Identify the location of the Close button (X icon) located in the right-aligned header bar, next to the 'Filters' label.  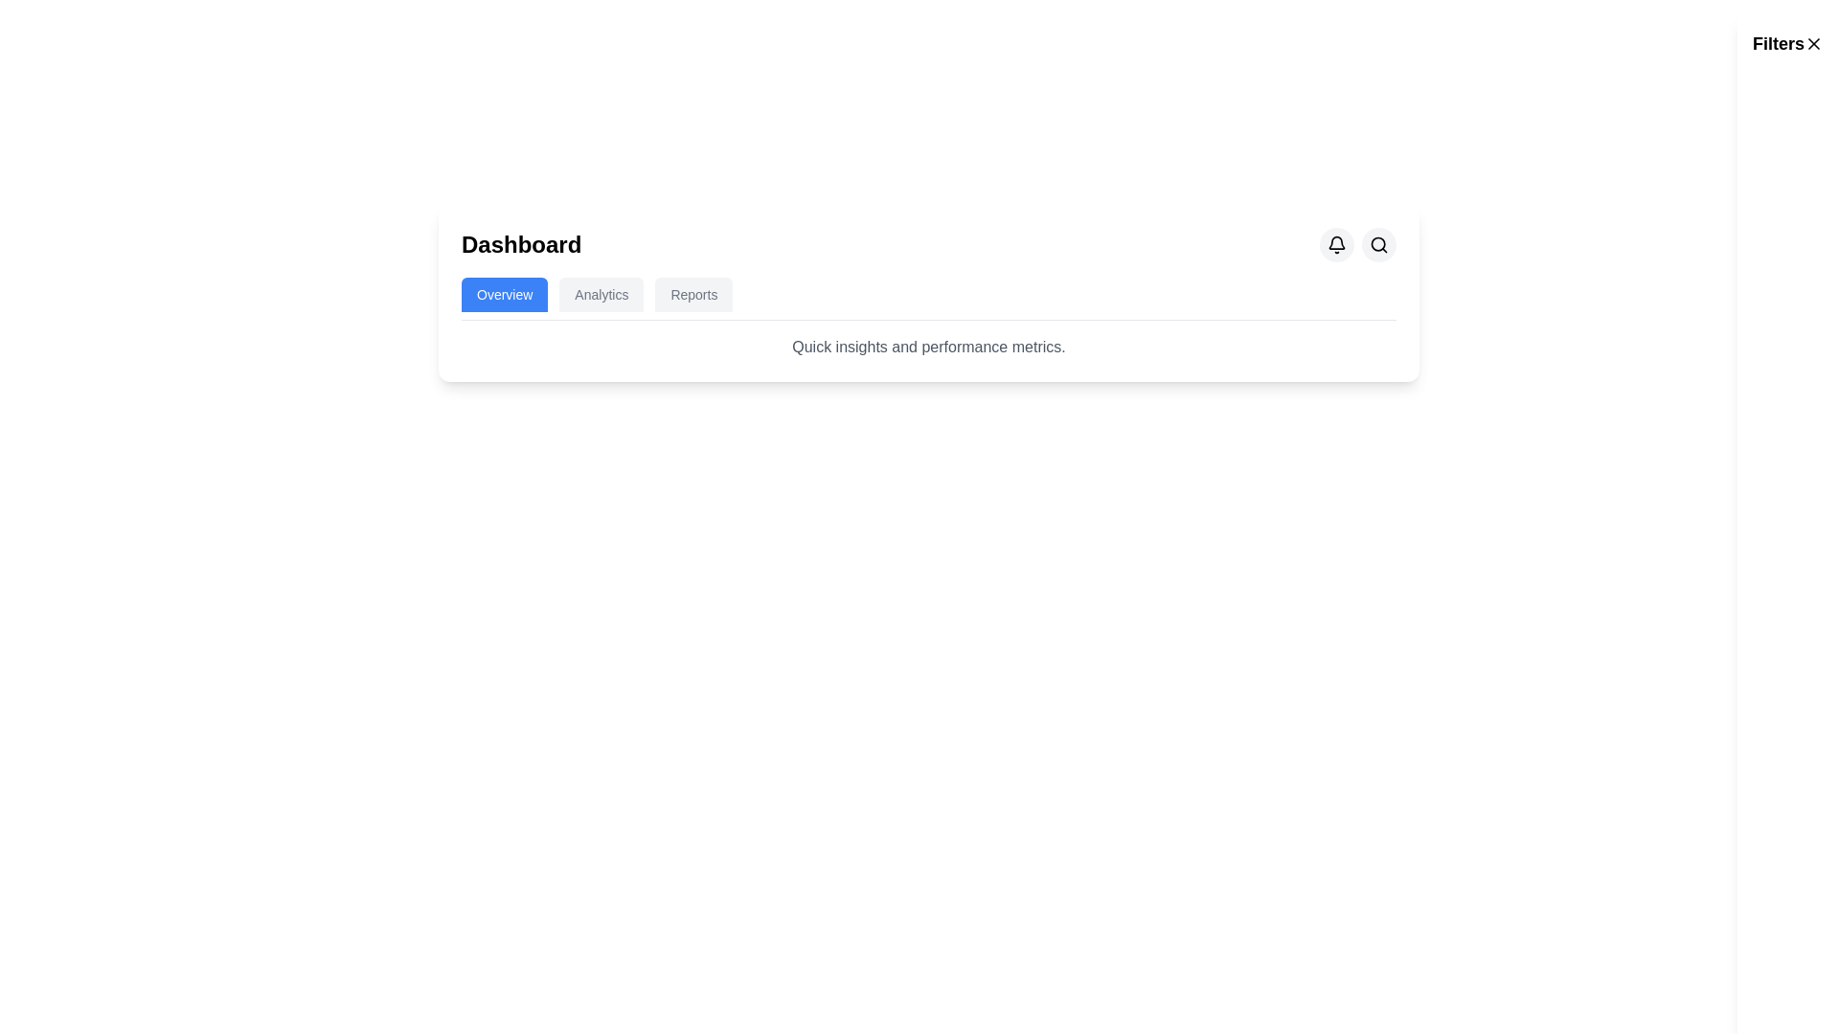
(1813, 43).